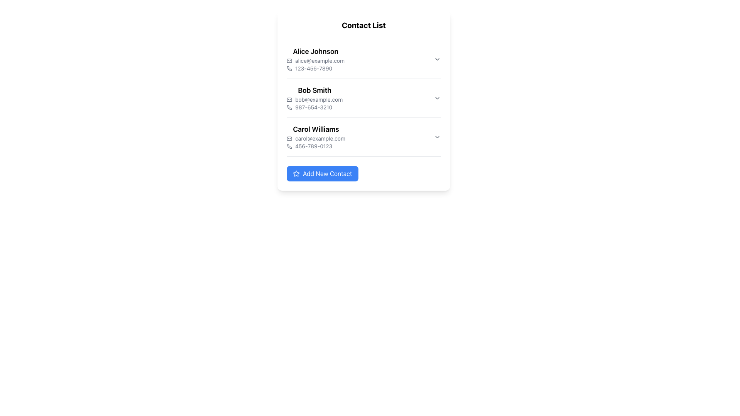  What do you see at coordinates (437, 97) in the screenshot?
I see `the dropdown toggle icon button located at the far right of the row containing the contact 'Bob Smith'` at bounding box center [437, 97].